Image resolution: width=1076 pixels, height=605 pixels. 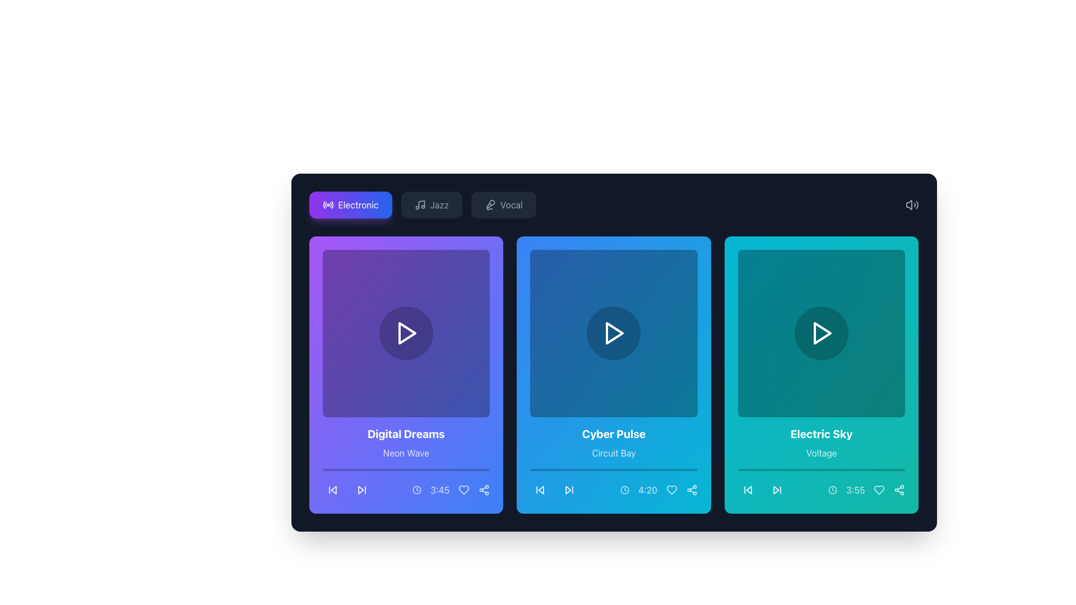 I want to click on the second button in the control panel beneath the 'Cyber Pulse' music card, so click(x=569, y=489).